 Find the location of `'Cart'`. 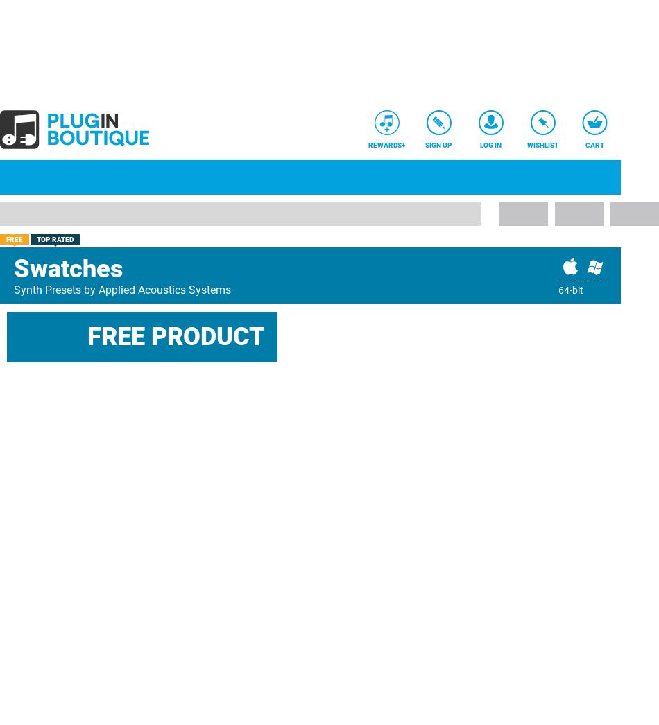

'Cart' is located at coordinates (594, 145).